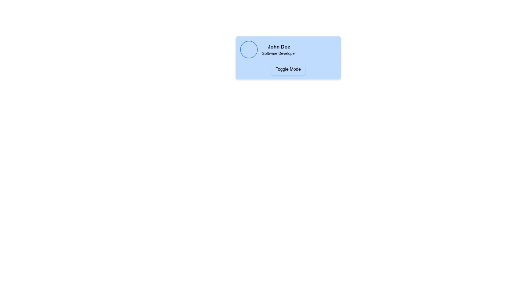 This screenshot has height=296, width=527. I want to click on the toggle button located below the name 'John Doe' and profession 'Software Developer' to switch modes, so click(288, 69).